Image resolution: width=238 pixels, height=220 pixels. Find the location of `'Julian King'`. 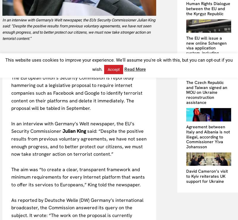

'Julian King' is located at coordinates (74, 131).